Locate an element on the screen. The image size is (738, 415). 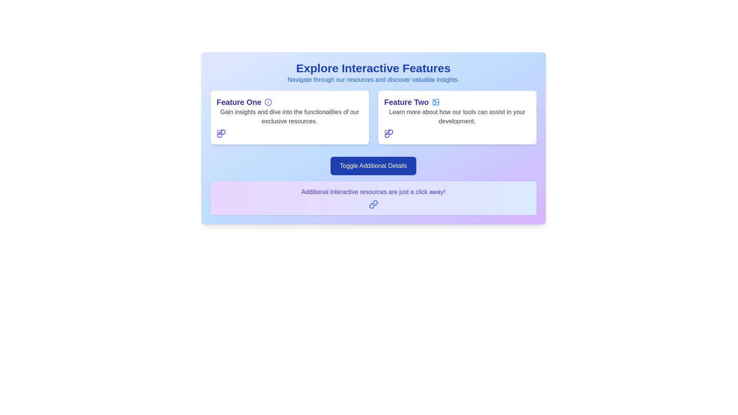
the slider position is located at coordinates (526, 156).